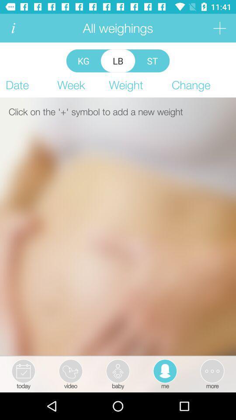 This screenshot has height=420, width=236. I want to click on another weighing, so click(219, 28).